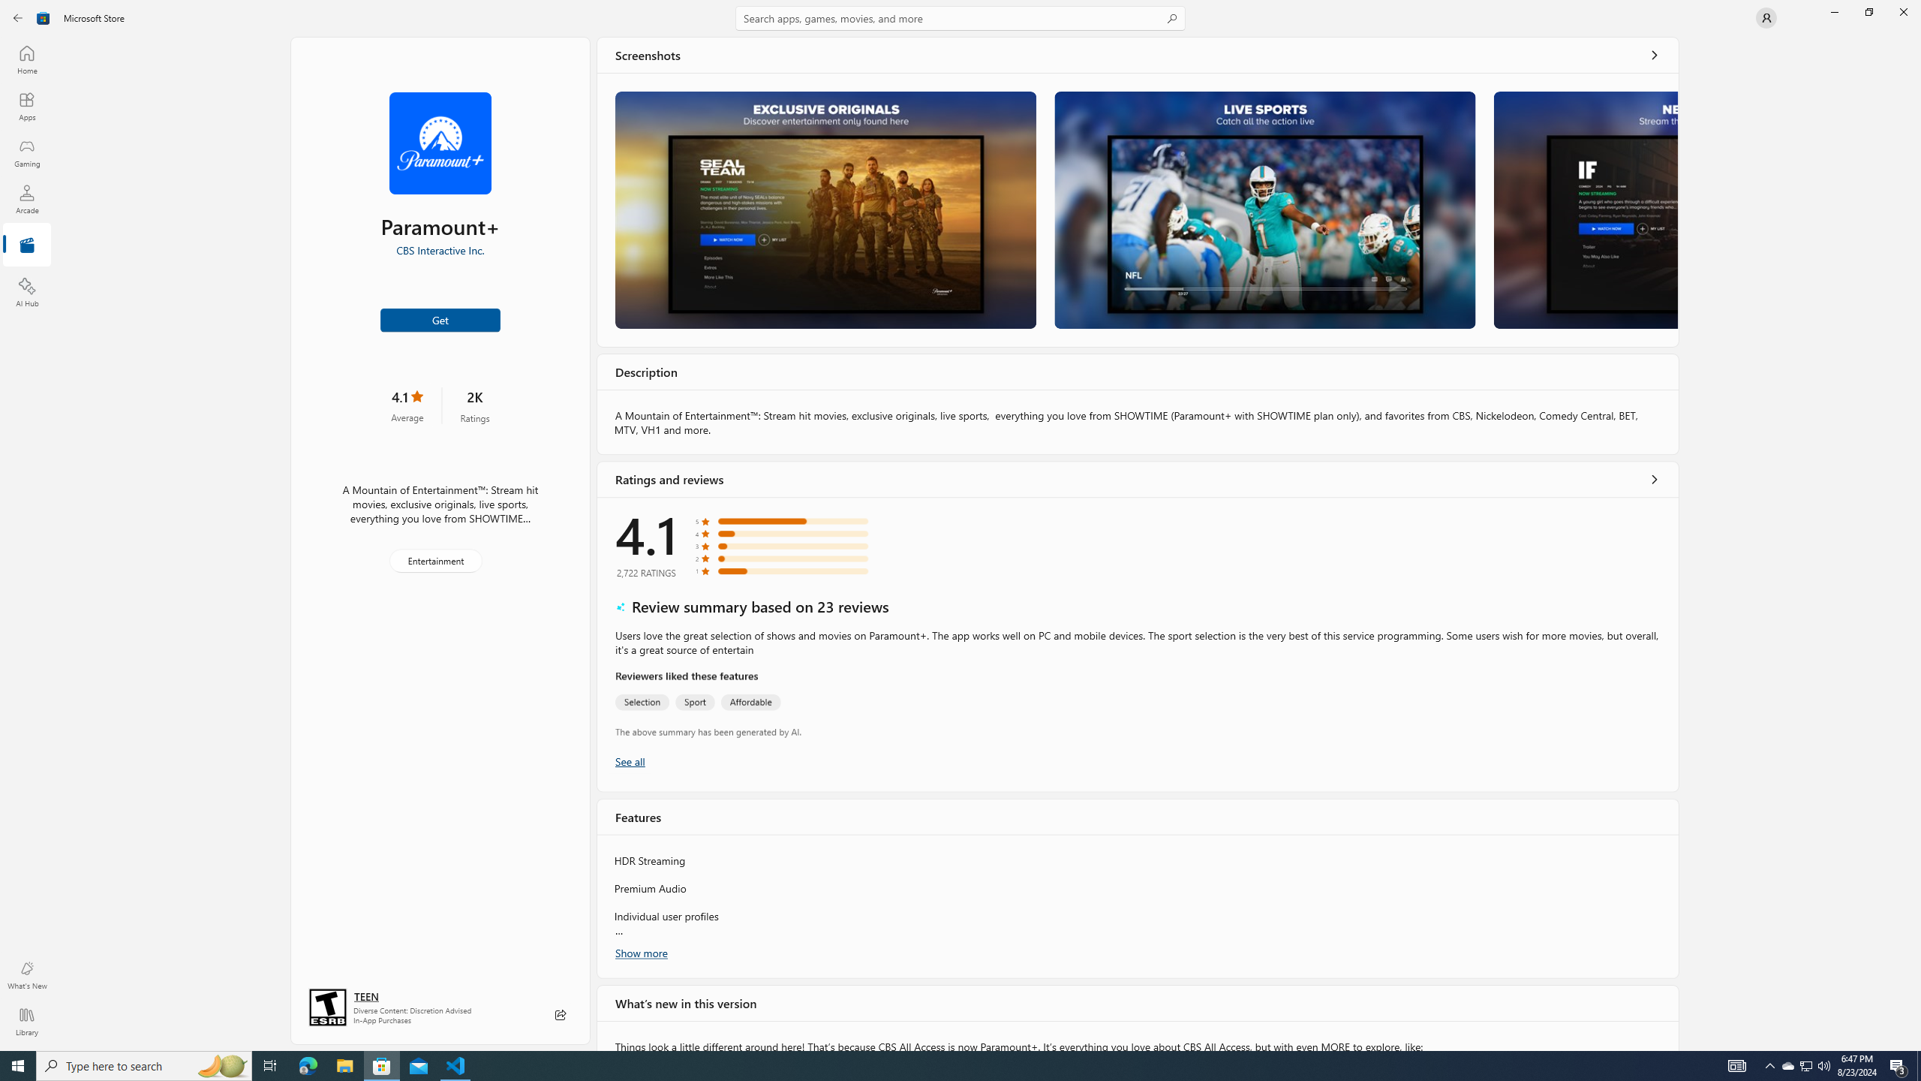  Describe the element at coordinates (365, 995) in the screenshot. I see `'Age rating: TEEN. Click for more information.'` at that location.